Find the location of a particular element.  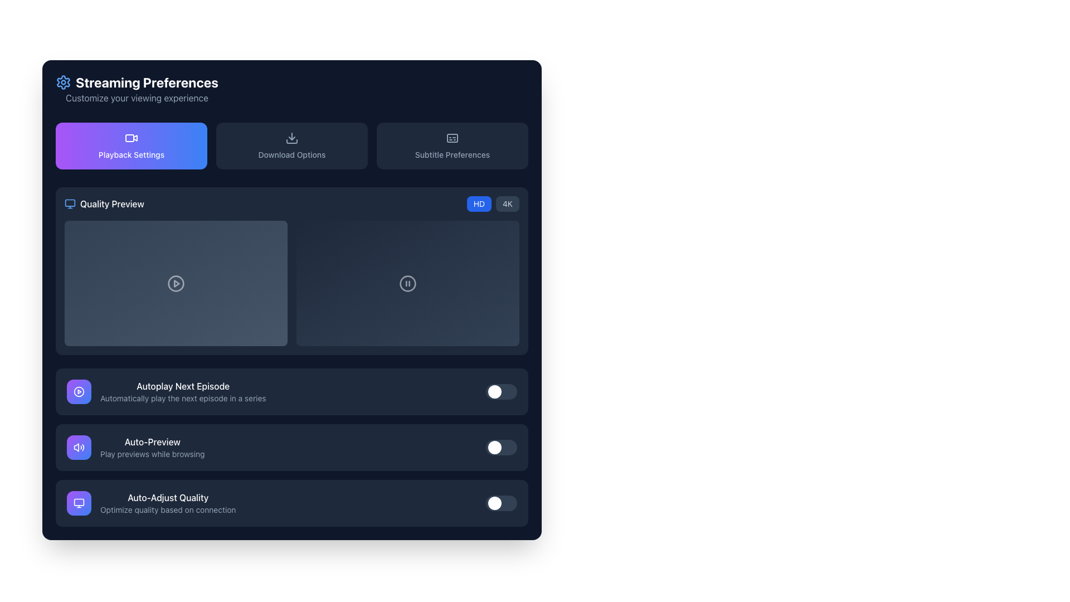

the circular play icon located in the 'Quality Preview' section, which is centered in the left video preview box is located at coordinates (176, 283).